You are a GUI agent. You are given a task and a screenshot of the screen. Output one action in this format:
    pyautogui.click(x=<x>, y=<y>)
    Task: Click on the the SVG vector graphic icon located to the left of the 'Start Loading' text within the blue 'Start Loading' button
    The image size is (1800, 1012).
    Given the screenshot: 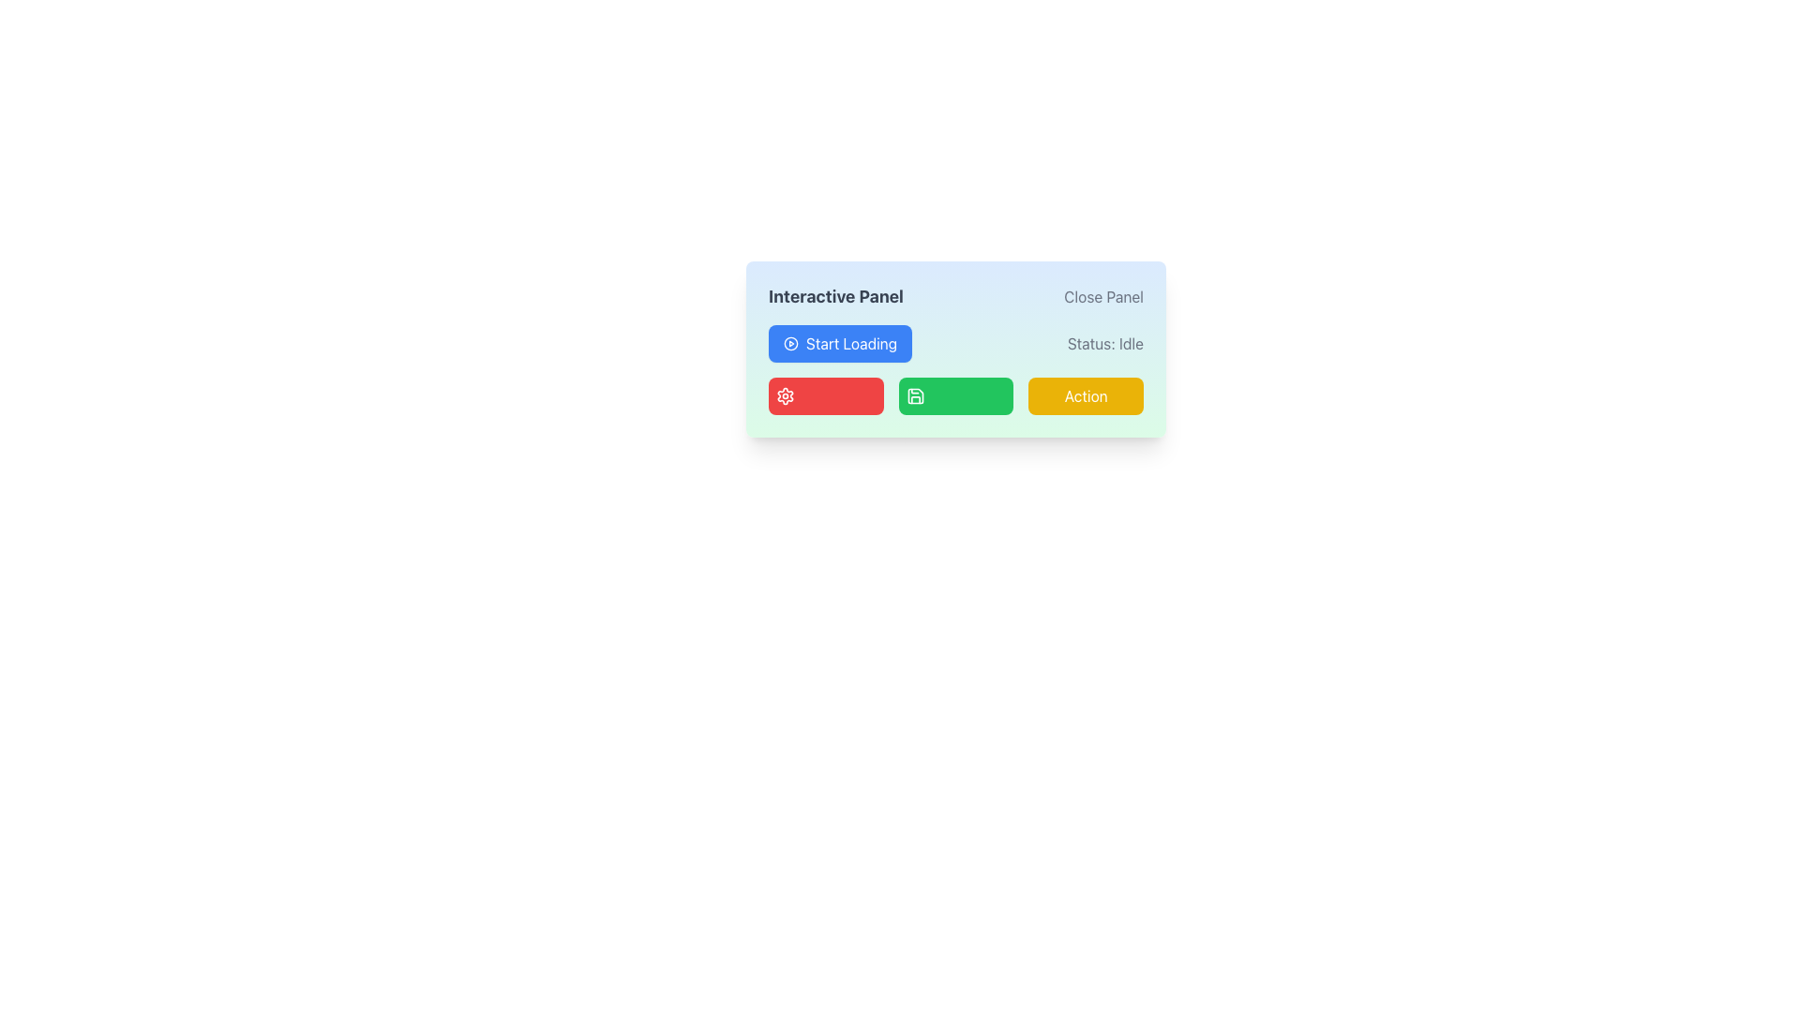 What is the action you would take?
    pyautogui.click(x=791, y=343)
    